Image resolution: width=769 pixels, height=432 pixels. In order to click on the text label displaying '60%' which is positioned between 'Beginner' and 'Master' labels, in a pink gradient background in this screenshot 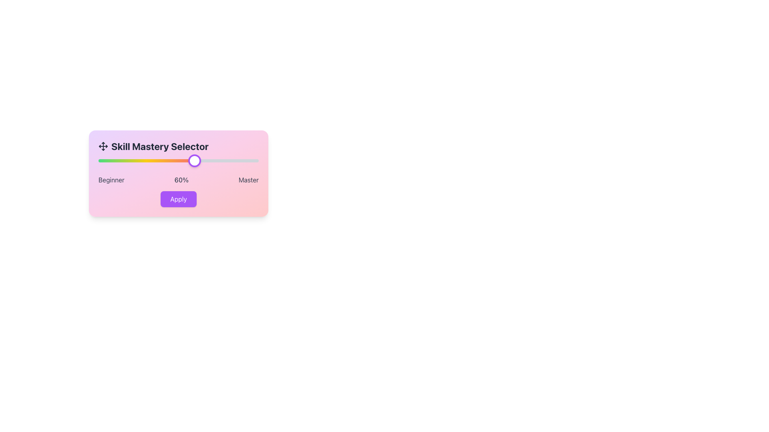, I will do `click(181, 180)`.